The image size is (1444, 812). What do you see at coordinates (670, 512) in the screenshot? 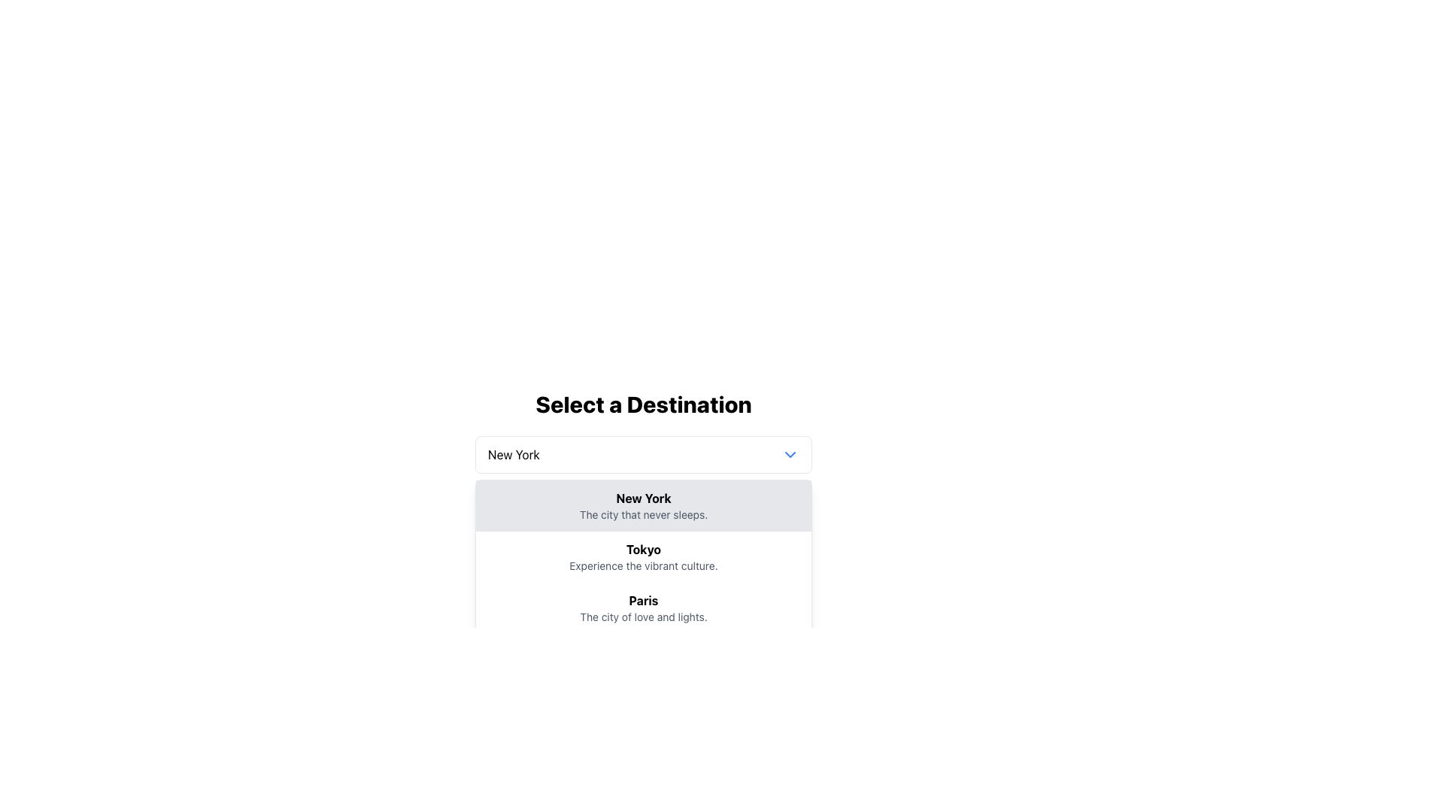
I see `the text element that indicates the currently selected city, which is part of a dropdown component and reads 'Selected: New York'` at bounding box center [670, 512].